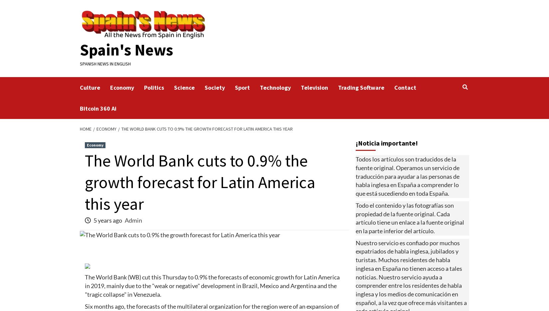 Image resolution: width=549 pixels, height=311 pixels. I want to click on 'Todos los artículos son traducidos de la fuente original. Operamos un servicio de traducción para ayudar a las personas de habla inglesa en España a comprender lo que está sucediendo en toda España.', so click(407, 176).